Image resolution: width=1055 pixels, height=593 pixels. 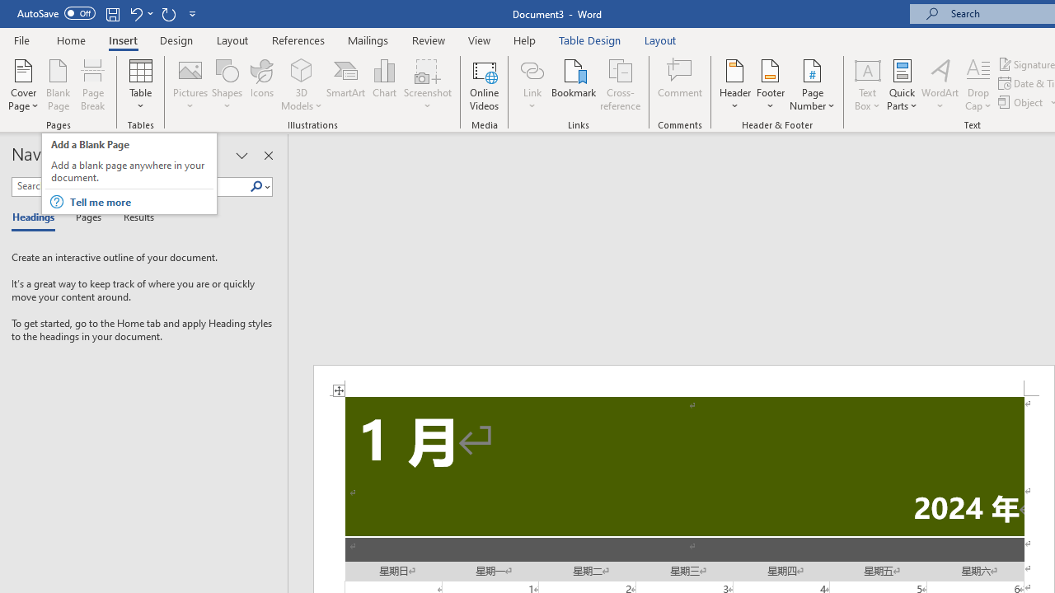 I want to click on 'Bookmark...', so click(x=574, y=85).